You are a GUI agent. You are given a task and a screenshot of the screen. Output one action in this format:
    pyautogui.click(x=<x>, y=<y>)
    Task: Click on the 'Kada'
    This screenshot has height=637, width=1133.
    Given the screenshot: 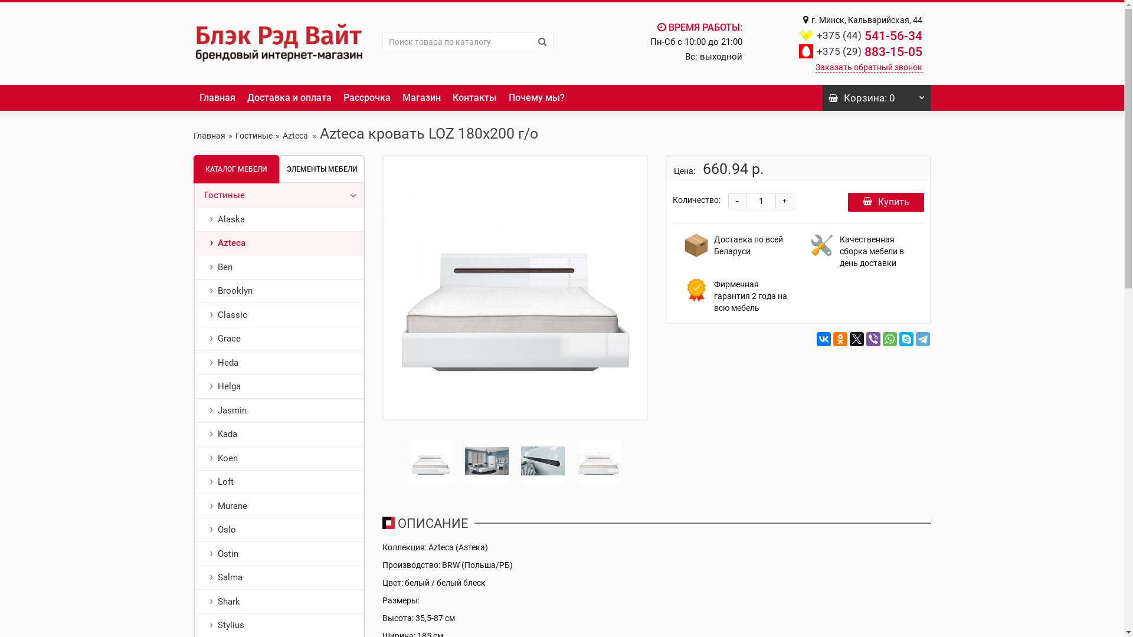 What is the action you would take?
    pyautogui.click(x=195, y=434)
    